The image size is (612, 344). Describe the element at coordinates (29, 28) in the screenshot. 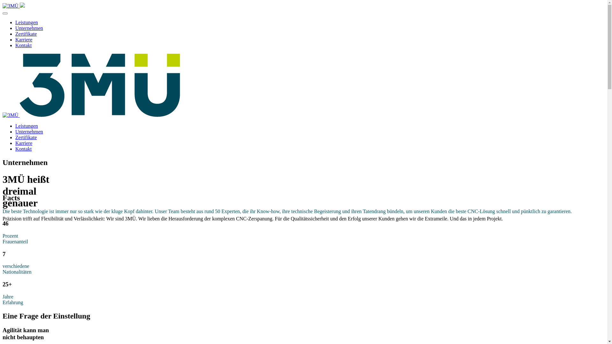

I see `'Unternehmen'` at that location.